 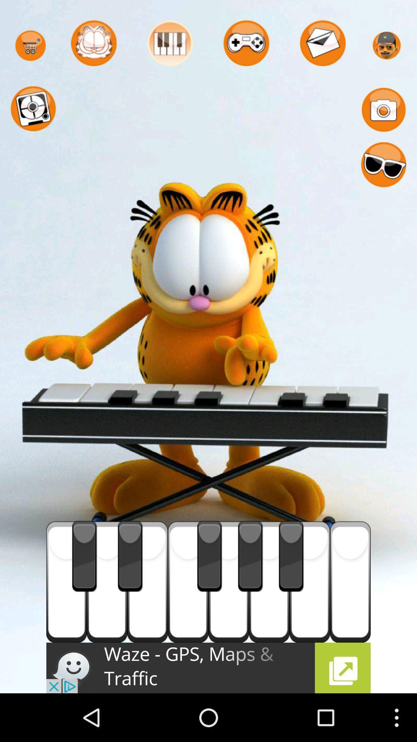 What do you see at coordinates (309, 582) in the screenshot?
I see `improper tagging` at bounding box center [309, 582].